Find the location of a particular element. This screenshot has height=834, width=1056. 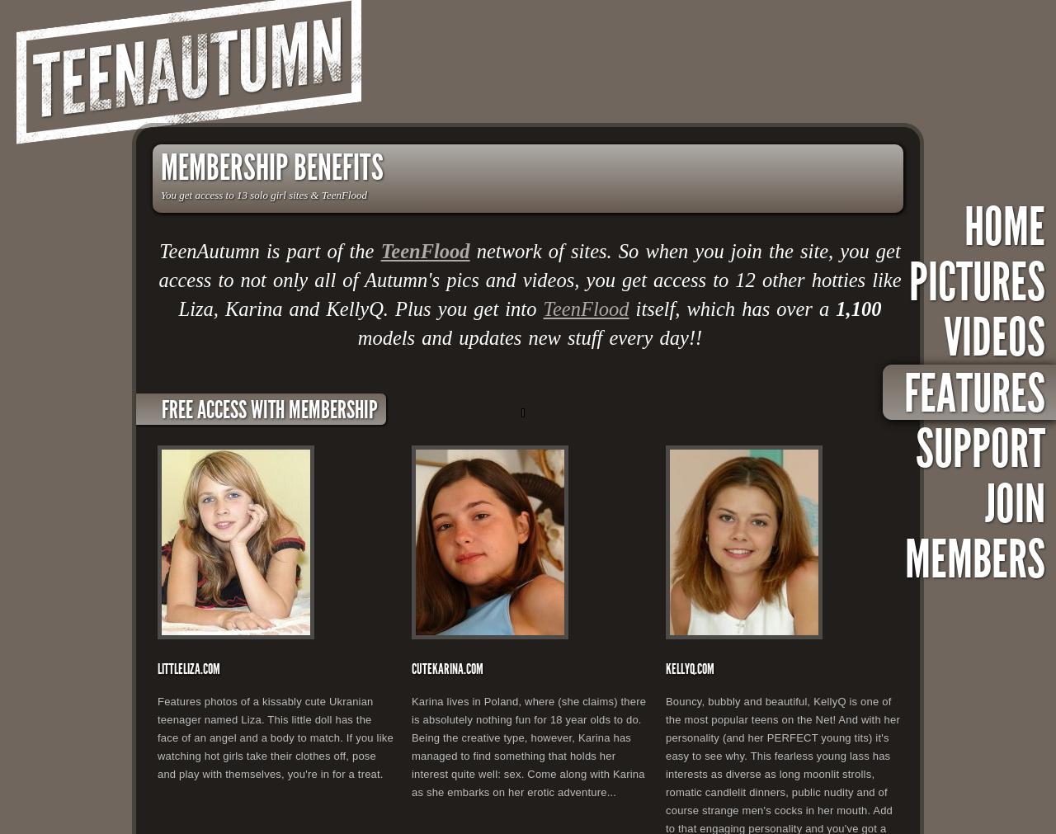

'Membership Benefits' is located at coordinates (271, 167).